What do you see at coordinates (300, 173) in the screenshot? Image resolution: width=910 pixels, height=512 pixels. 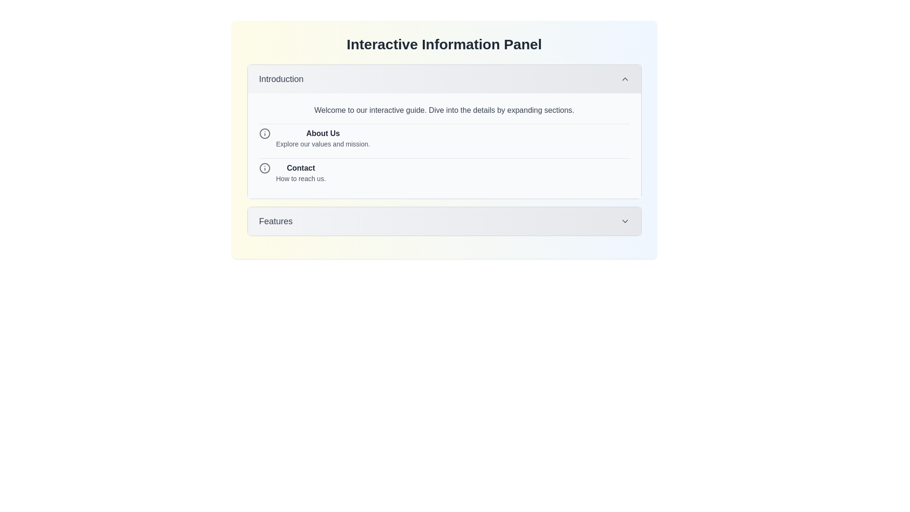 I see `text information displayed in the informational label located as the second item in the list, below the 'About Us' entry, which provides context about contacting the relevant entity` at bounding box center [300, 173].